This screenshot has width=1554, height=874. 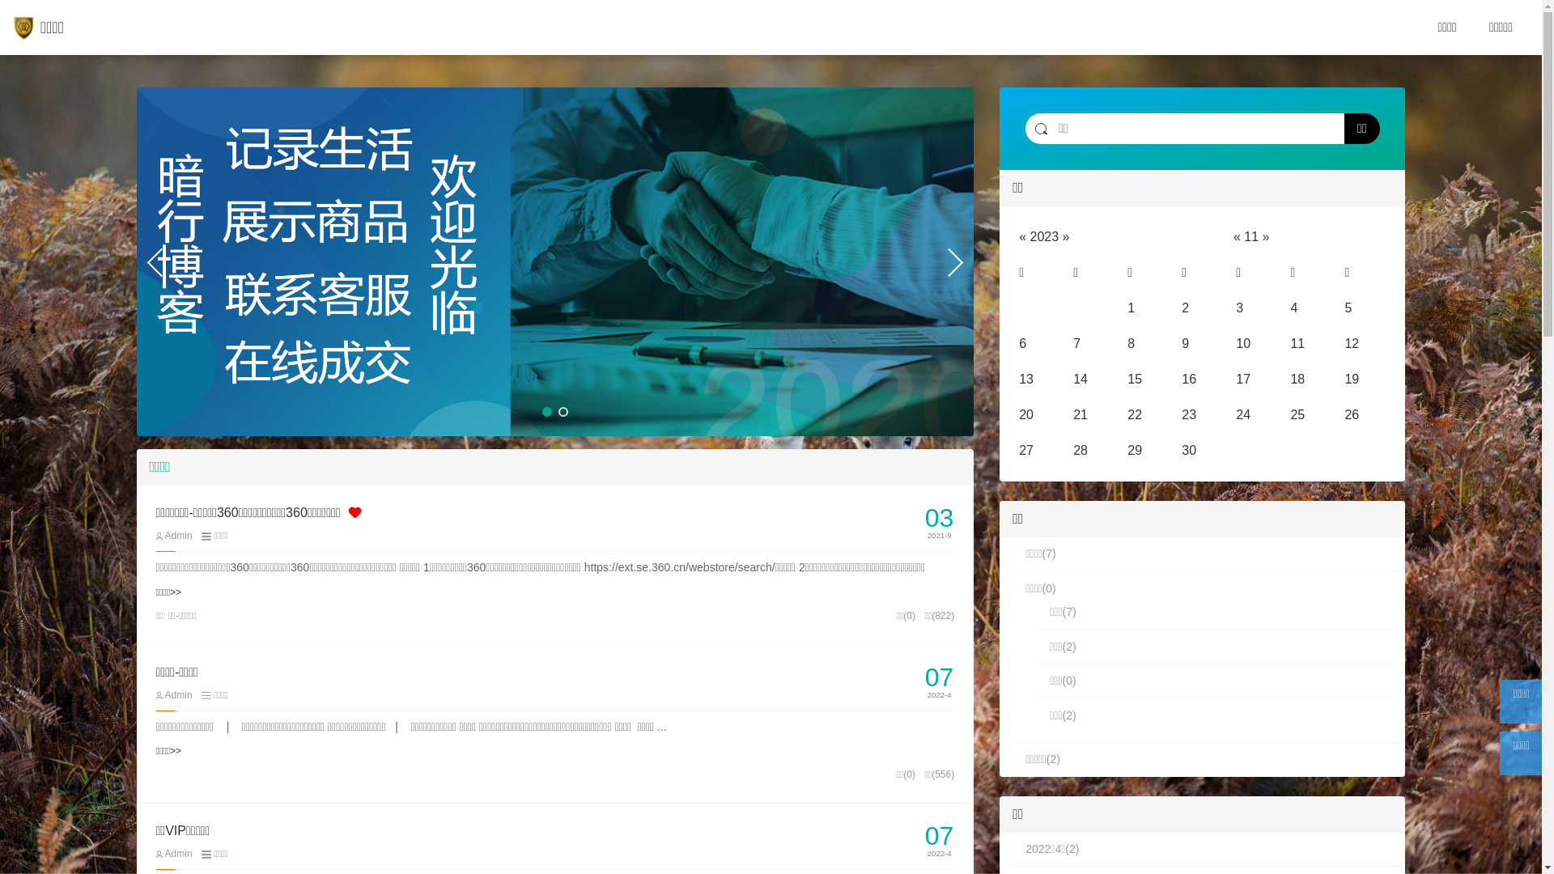 What do you see at coordinates (155, 694) in the screenshot?
I see `'Admin'` at bounding box center [155, 694].